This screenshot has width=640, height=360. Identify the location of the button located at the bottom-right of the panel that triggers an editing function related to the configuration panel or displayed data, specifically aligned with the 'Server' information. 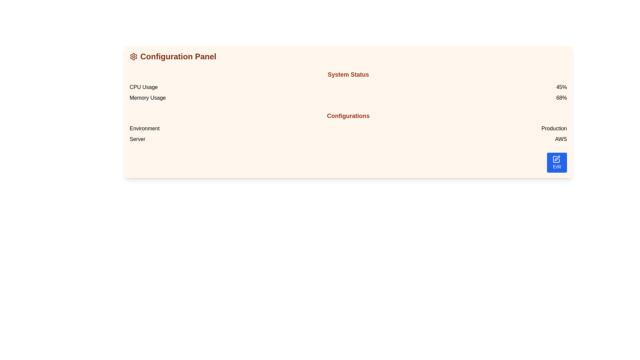
(557, 162).